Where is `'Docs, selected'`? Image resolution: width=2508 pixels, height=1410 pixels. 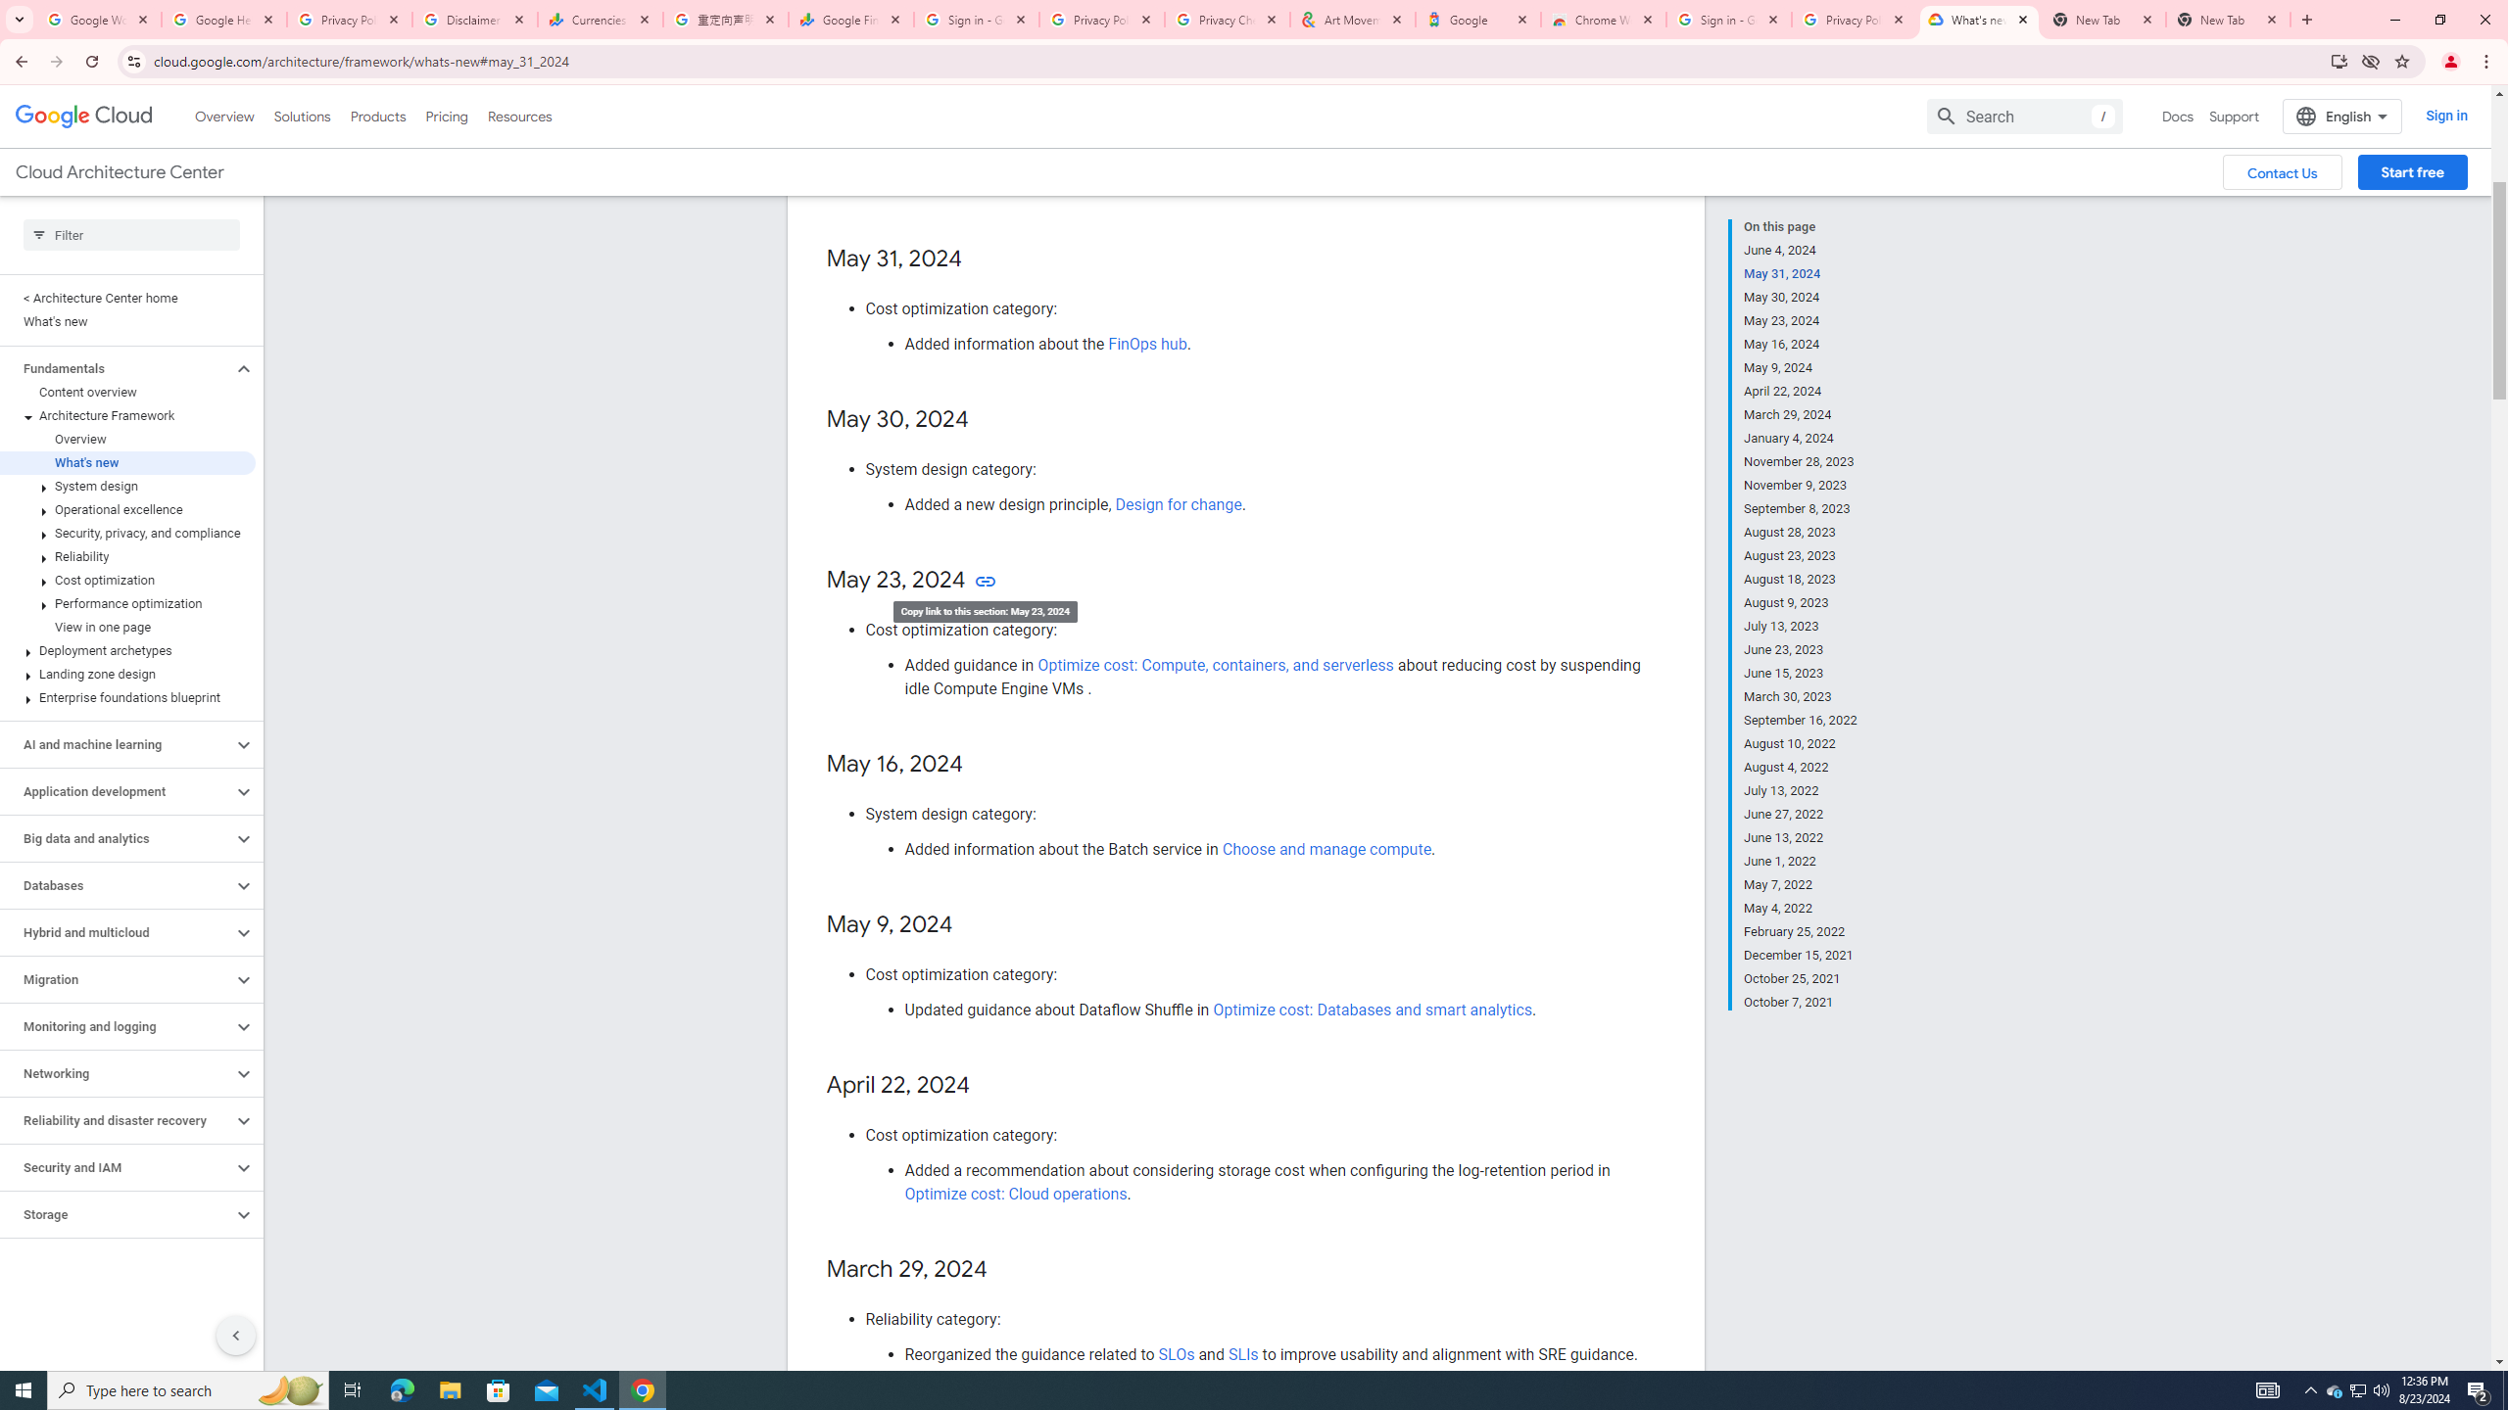
'Docs, selected' is located at coordinates (2177, 116).